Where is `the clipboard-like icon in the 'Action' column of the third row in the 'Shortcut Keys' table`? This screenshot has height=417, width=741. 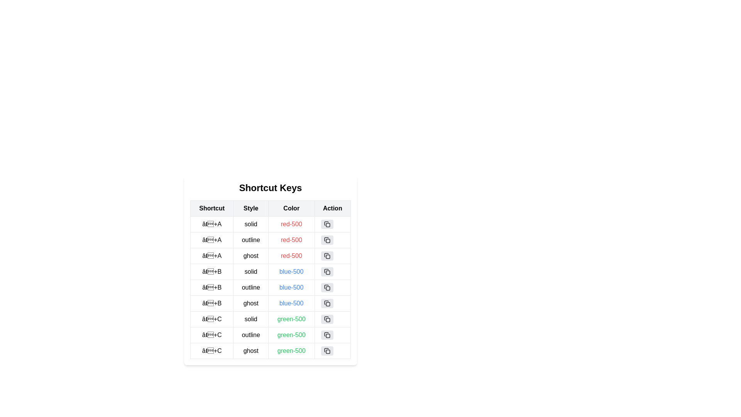
the clipboard-like icon in the 'Action' column of the third row in the 'Shortcut Keys' table is located at coordinates (326, 255).